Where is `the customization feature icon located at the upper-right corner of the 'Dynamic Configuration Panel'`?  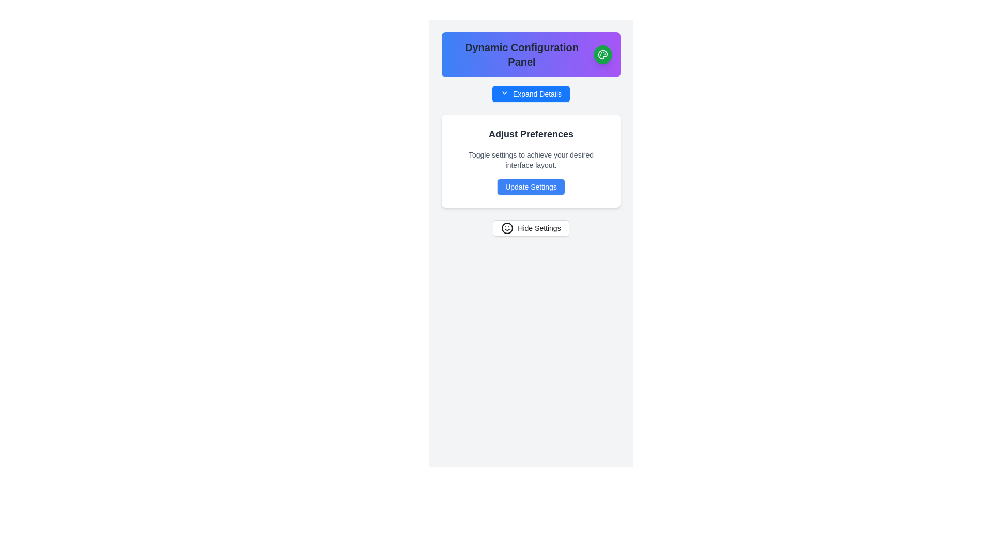
the customization feature icon located at the upper-right corner of the 'Dynamic Configuration Panel' is located at coordinates (602, 54).